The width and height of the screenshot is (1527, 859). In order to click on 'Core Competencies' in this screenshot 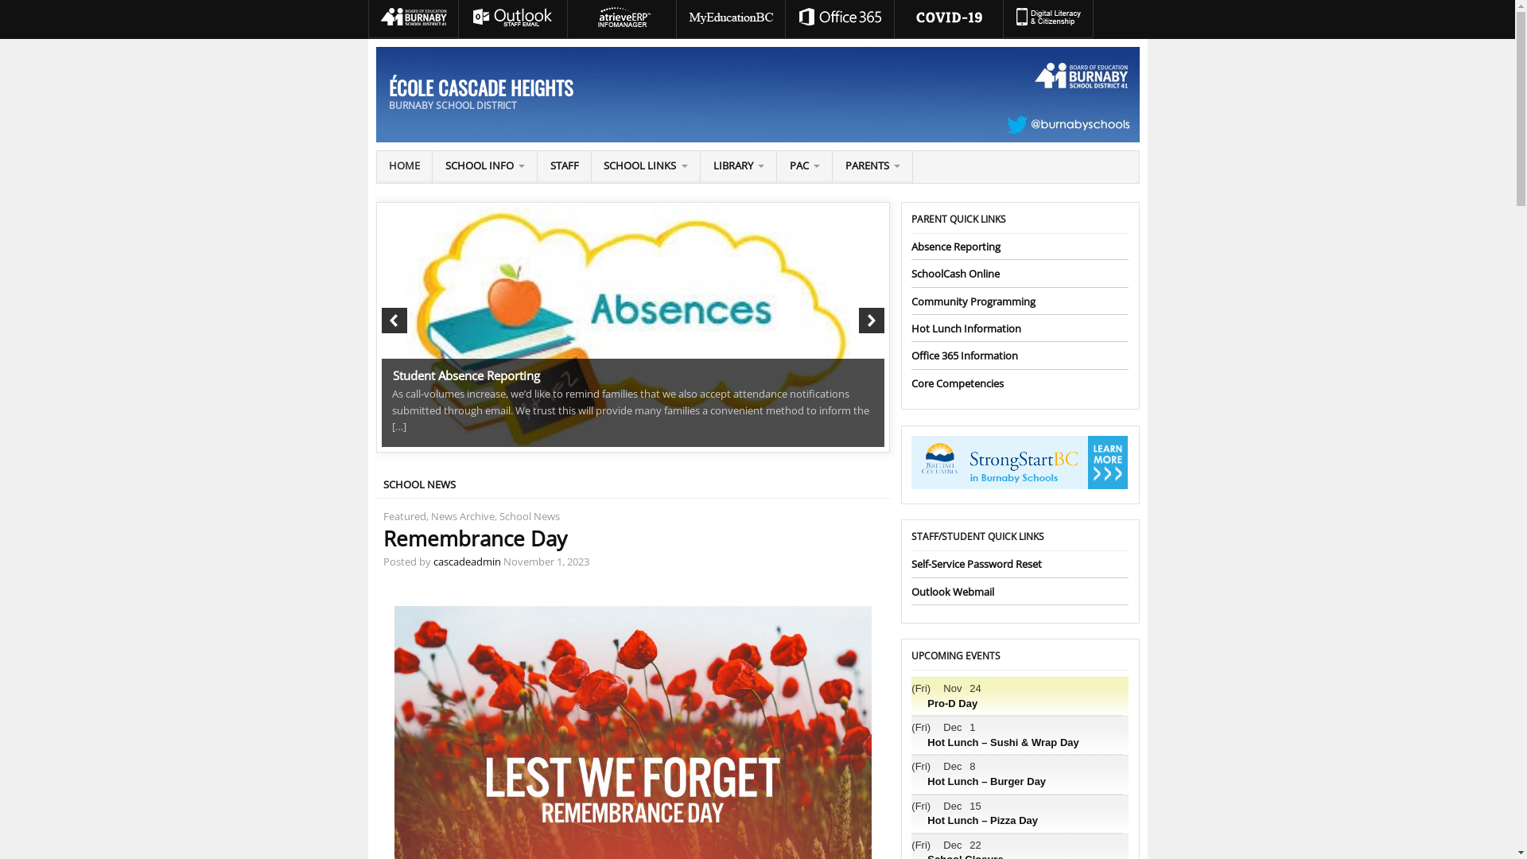, I will do `click(957, 383)`.